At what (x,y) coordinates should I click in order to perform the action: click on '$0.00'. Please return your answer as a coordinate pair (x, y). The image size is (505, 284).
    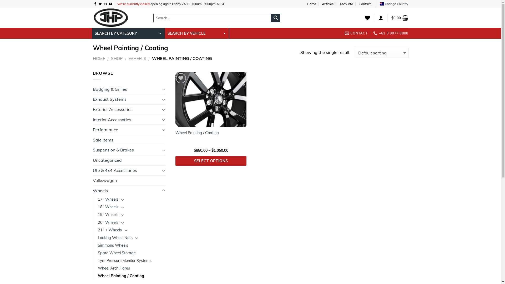
    Looking at the image, I should click on (400, 18).